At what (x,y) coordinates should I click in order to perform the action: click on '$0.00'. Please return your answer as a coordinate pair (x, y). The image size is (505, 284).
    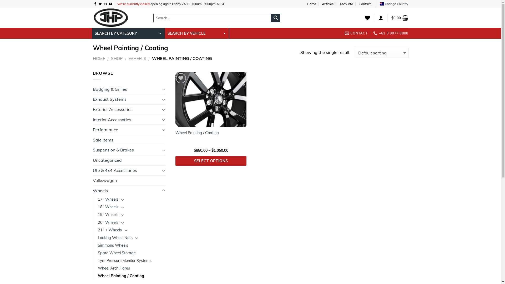
    Looking at the image, I should click on (400, 18).